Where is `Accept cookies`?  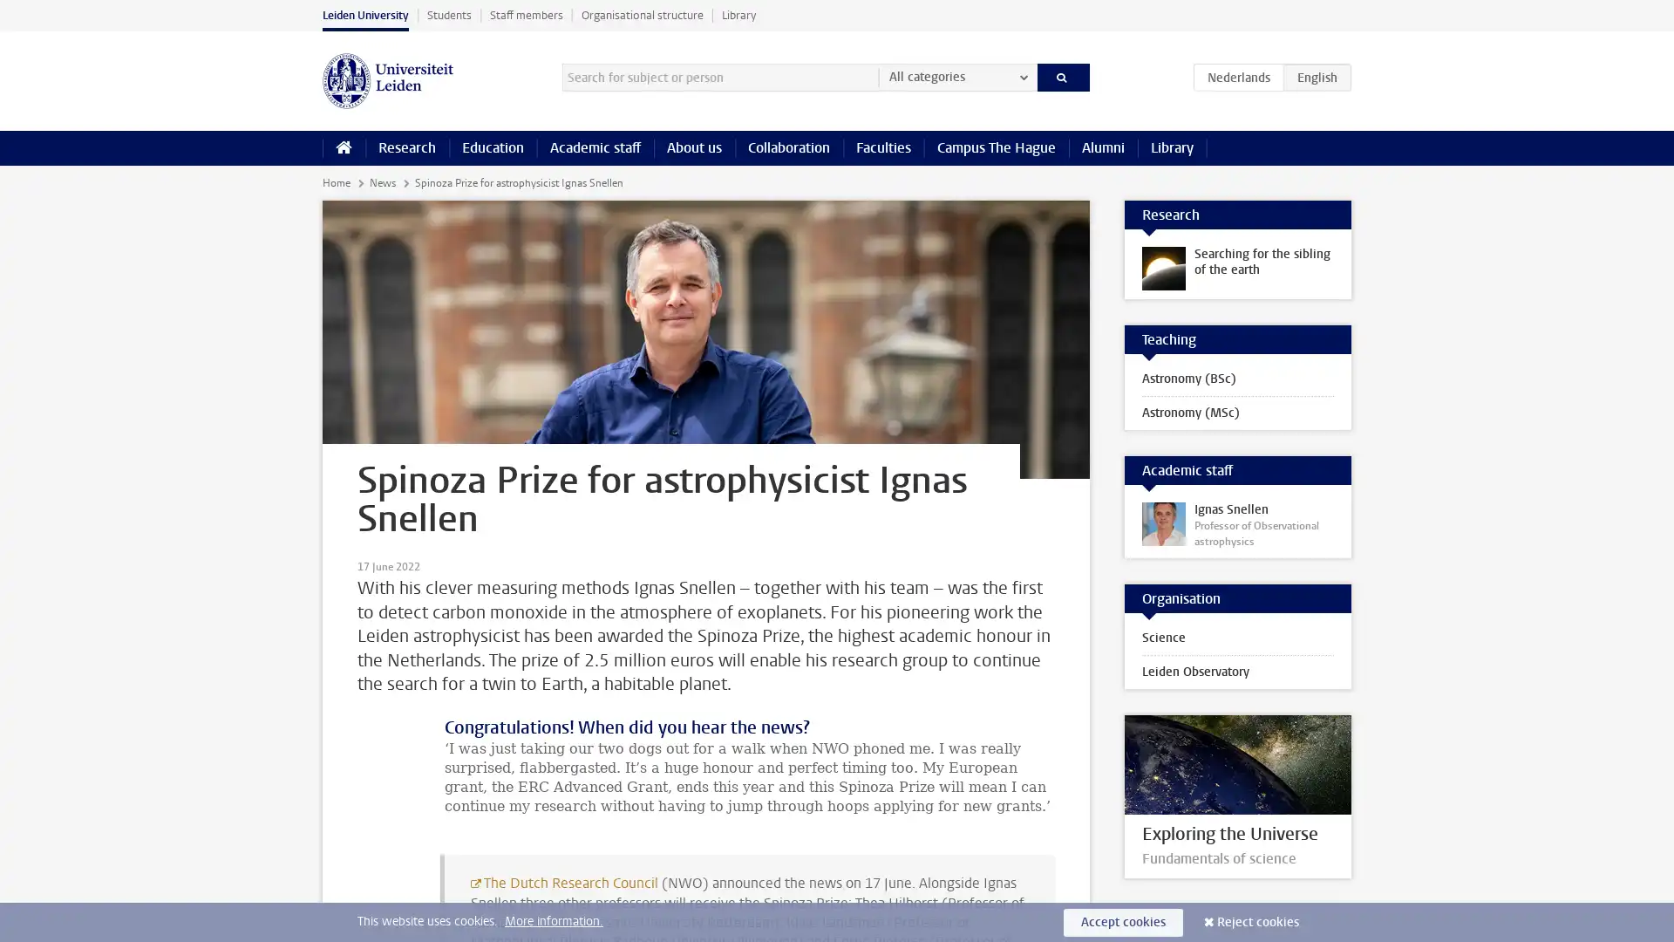 Accept cookies is located at coordinates (1123, 921).